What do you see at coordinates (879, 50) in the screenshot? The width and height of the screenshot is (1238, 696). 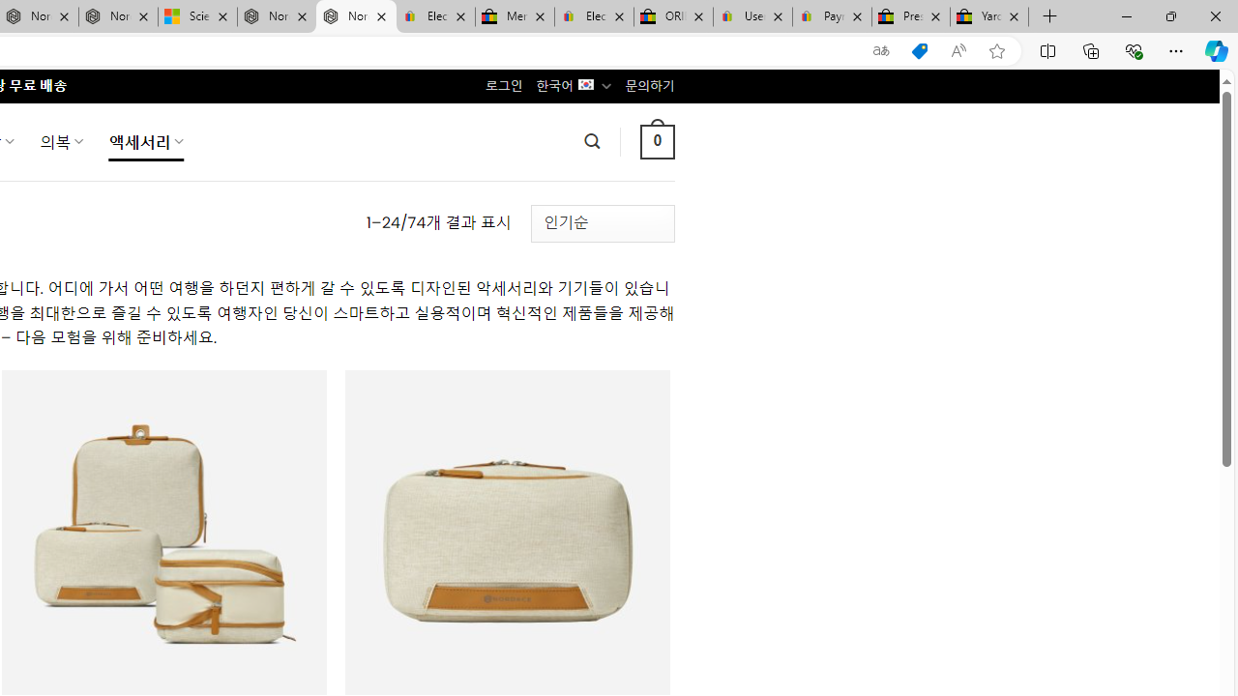 I see `'Show translate options'` at bounding box center [879, 50].